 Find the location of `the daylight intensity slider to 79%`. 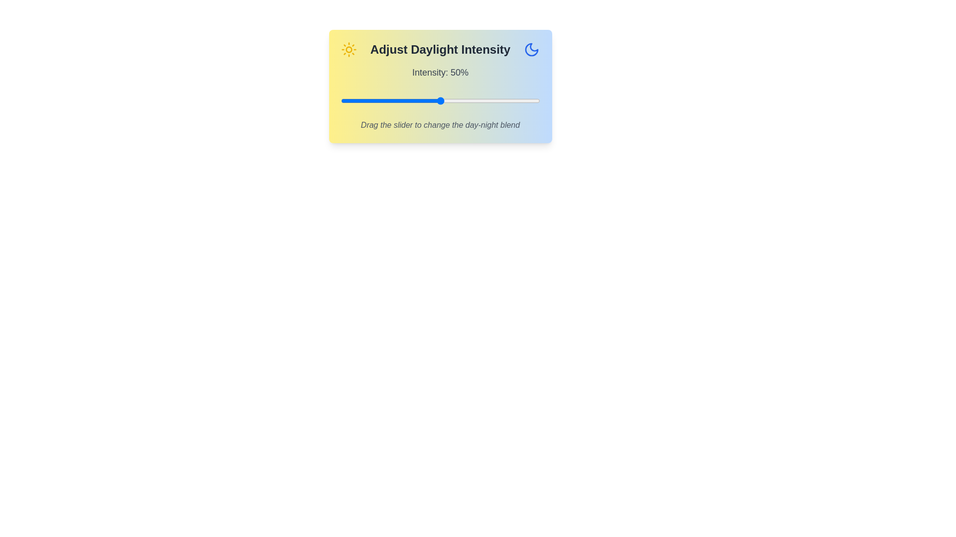

the daylight intensity slider to 79% is located at coordinates (498, 101).